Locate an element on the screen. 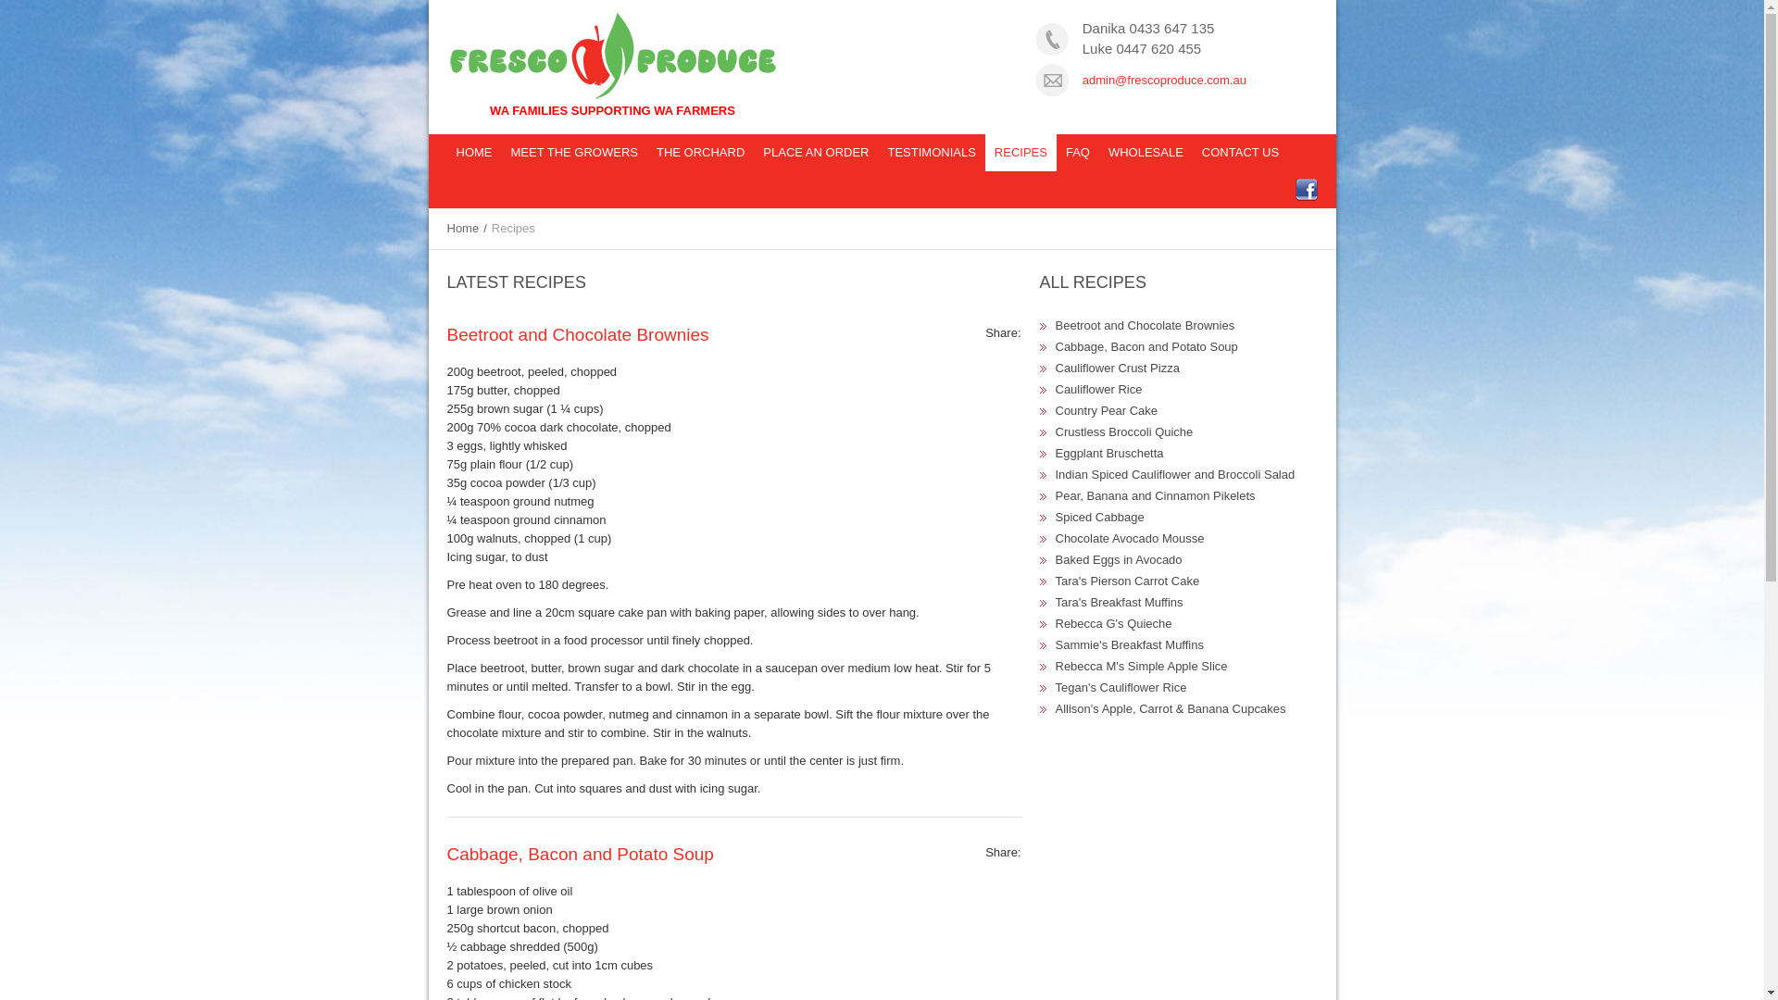 The width and height of the screenshot is (1778, 1000). 'Crustless Broccoli Quiche' is located at coordinates (1123, 431).